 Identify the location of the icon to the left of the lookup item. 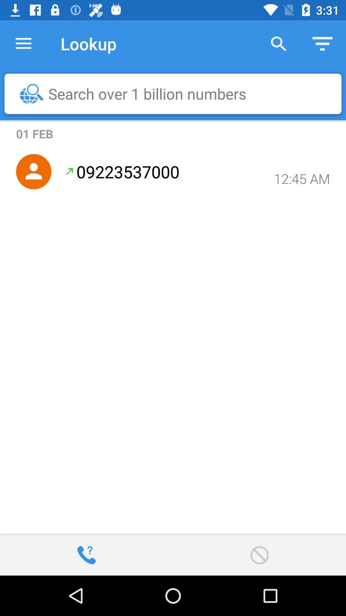
(23, 43).